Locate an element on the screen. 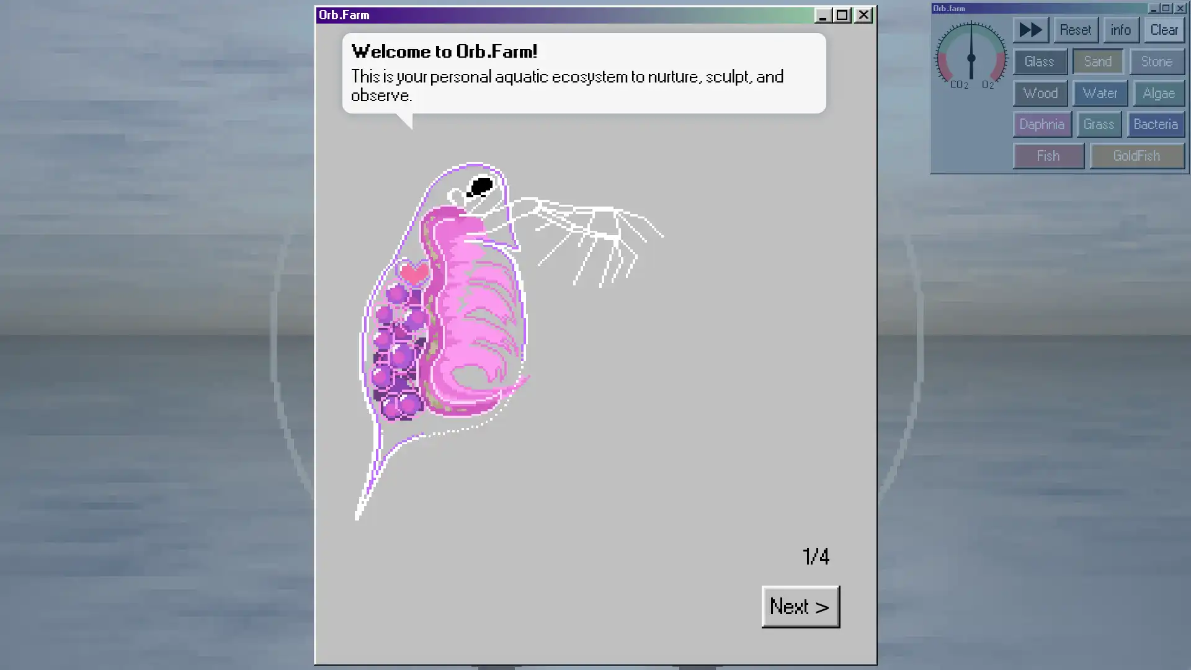 This screenshot has width=1191, height=670. Minimize is located at coordinates (439, 7).